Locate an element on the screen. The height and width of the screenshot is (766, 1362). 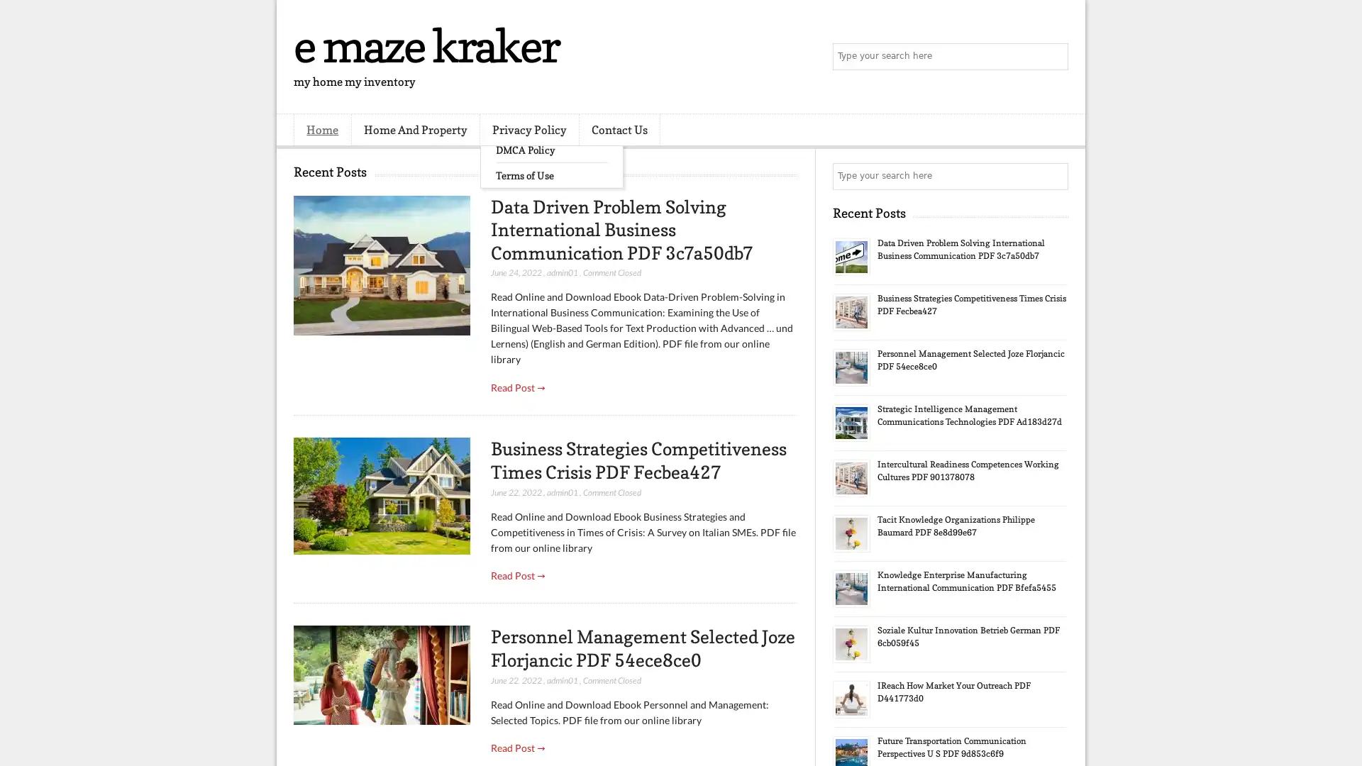
Search is located at coordinates (1053, 176).